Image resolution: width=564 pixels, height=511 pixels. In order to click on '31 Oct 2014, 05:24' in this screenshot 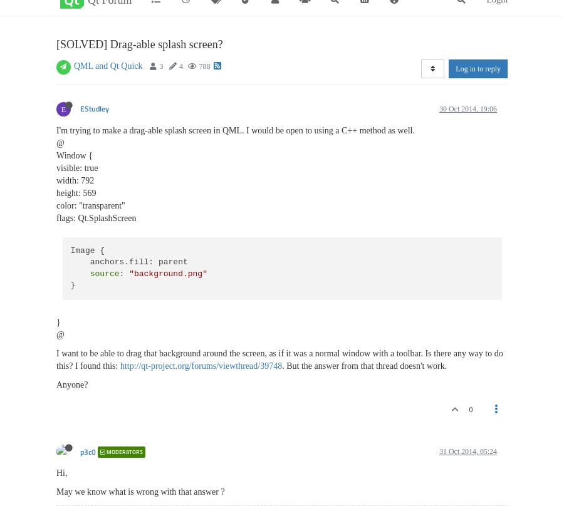, I will do `click(467, 452)`.